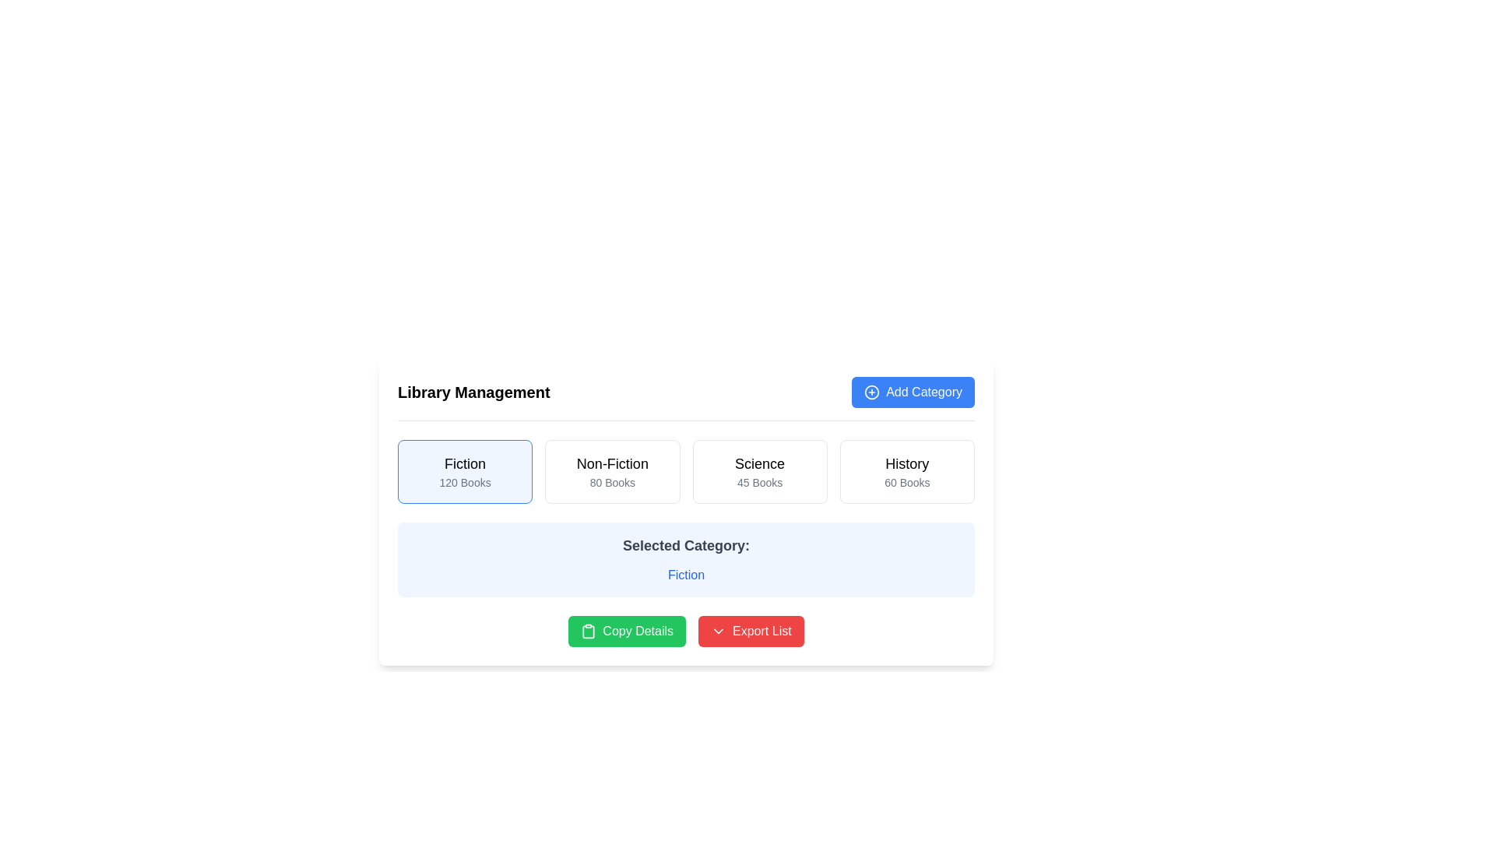 This screenshot has height=841, width=1495. What do you see at coordinates (611, 470) in the screenshot?
I see `the 'Non-Fiction' button, which is a rectangular button with rounded corners and features the text 'Non-Fiction' and '80 Books'` at bounding box center [611, 470].